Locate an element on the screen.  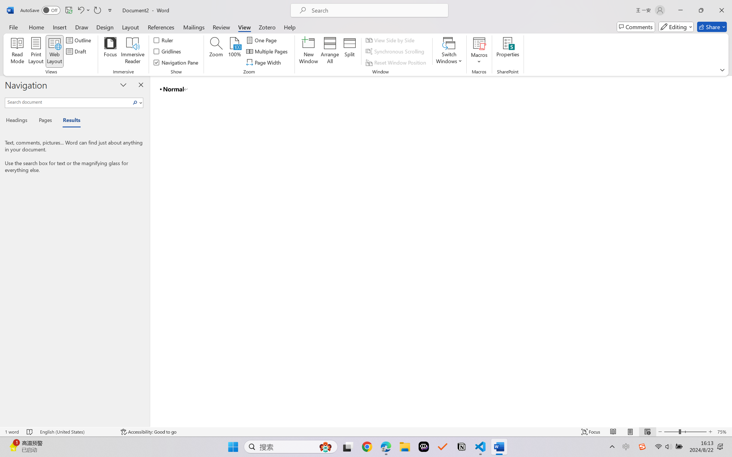
'Mailings' is located at coordinates (194, 27).